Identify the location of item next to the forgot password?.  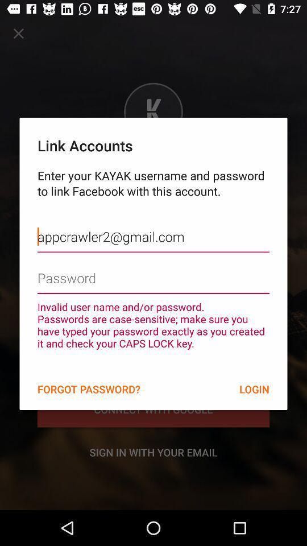
(254, 389).